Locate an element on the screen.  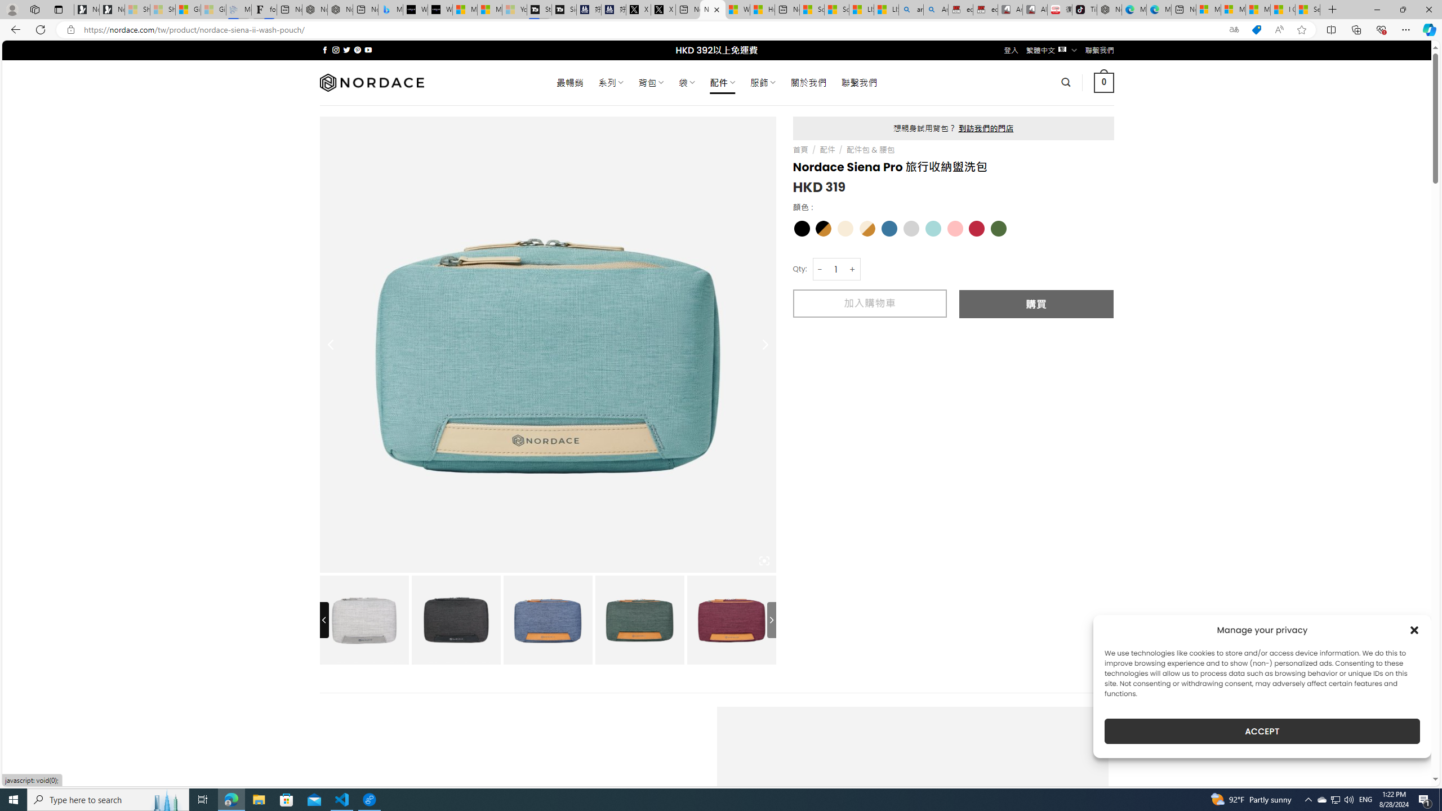
'Nordace - Best Sellers' is located at coordinates (1109, 9).